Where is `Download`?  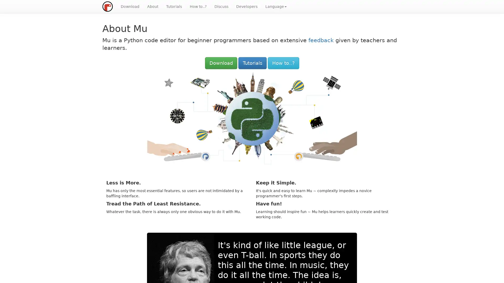 Download is located at coordinates (221, 63).